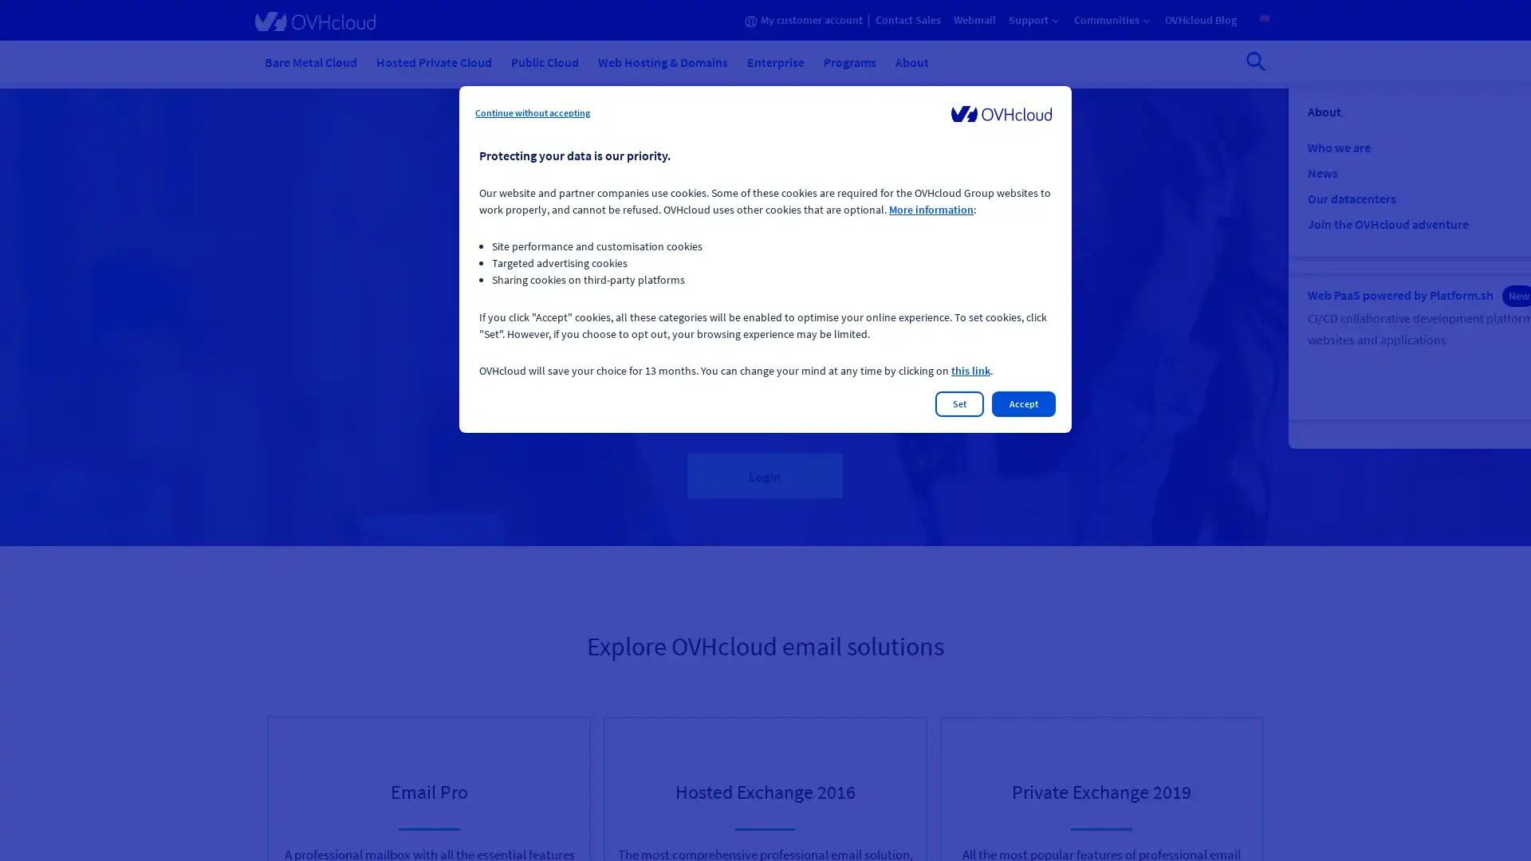 The width and height of the screenshot is (1531, 861). Describe the element at coordinates (1254, 61) in the screenshot. I see `Open search bar` at that location.